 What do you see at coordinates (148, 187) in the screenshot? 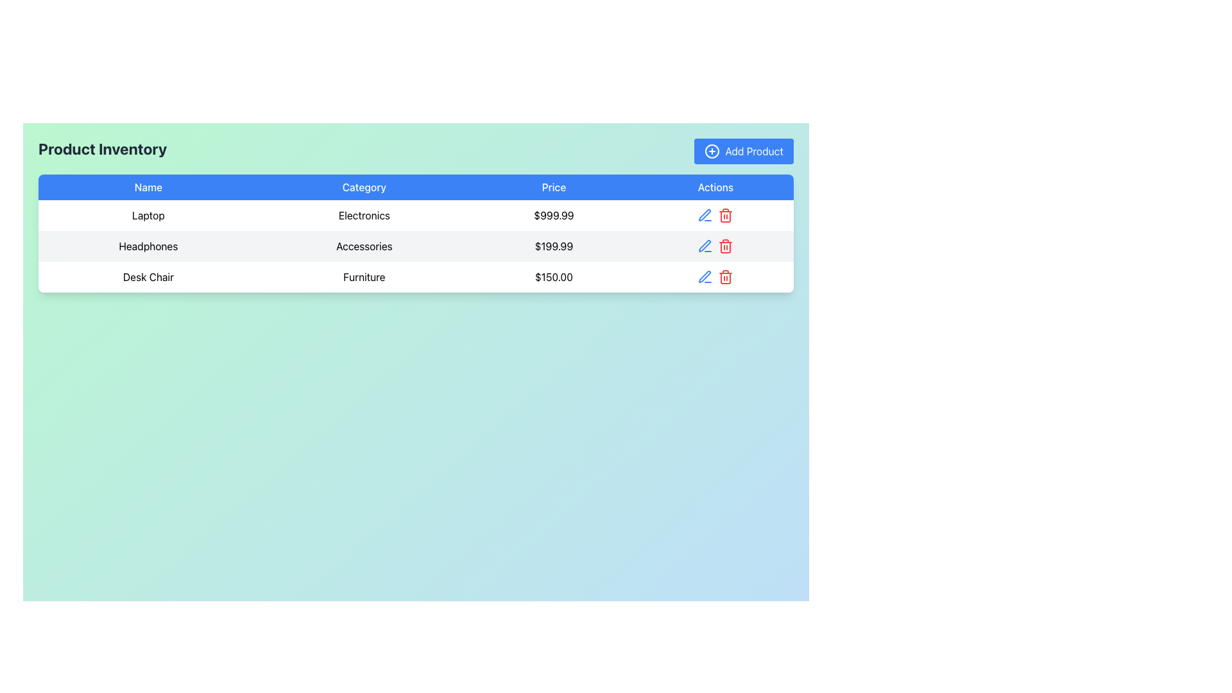
I see `the header label for the first column of the table, which indicates the names of products` at bounding box center [148, 187].